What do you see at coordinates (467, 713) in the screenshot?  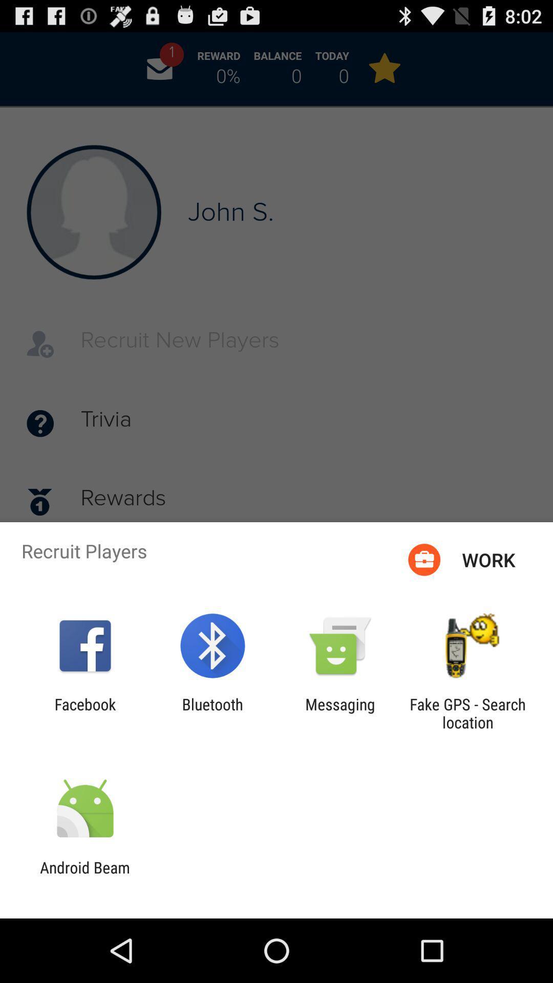 I see `the item at the bottom right corner` at bounding box center [467, 713].